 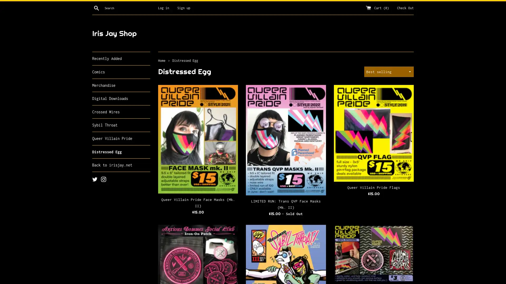 I want to click on Search, so click(x=96, y=8).